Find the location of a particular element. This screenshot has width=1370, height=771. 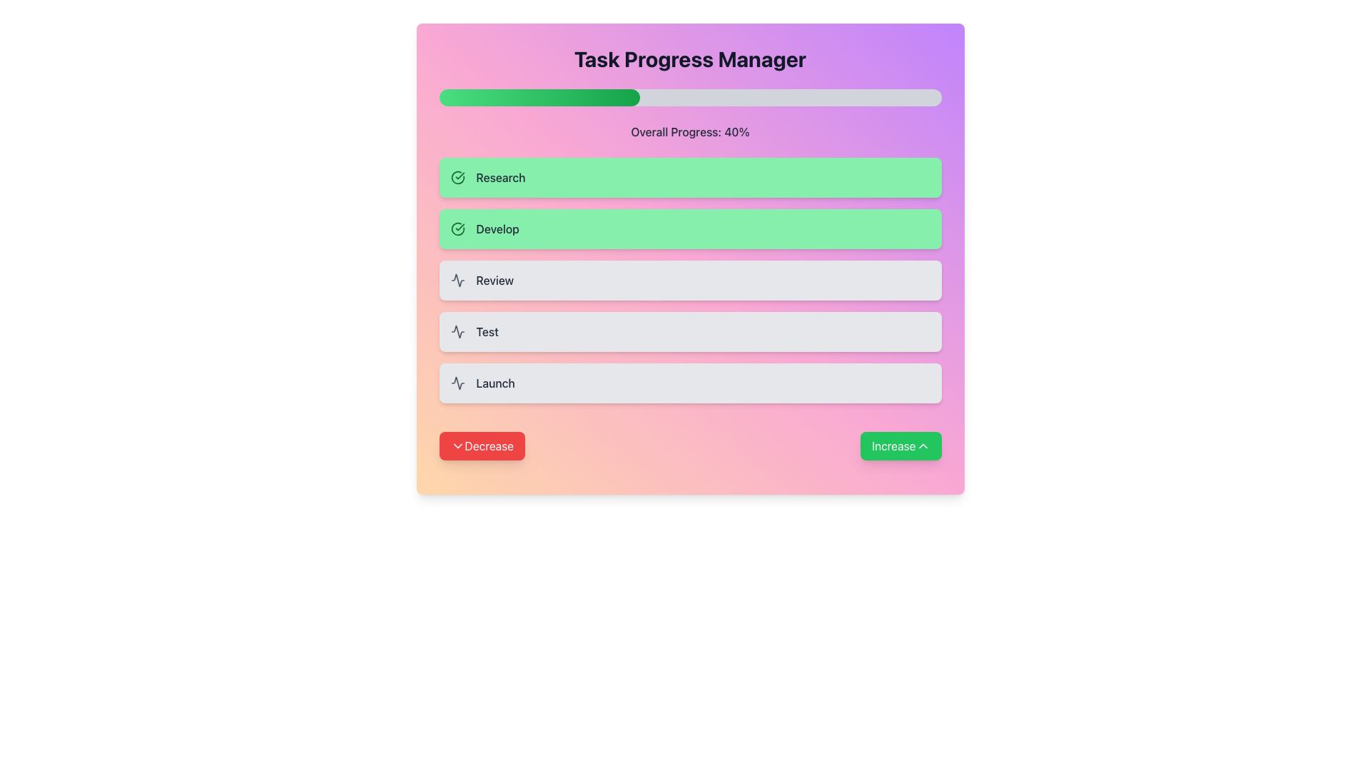

the leftmost 40% of the progress bar that visually represents task completion status, located near the top of the interface is located at coordinates (539, 97).